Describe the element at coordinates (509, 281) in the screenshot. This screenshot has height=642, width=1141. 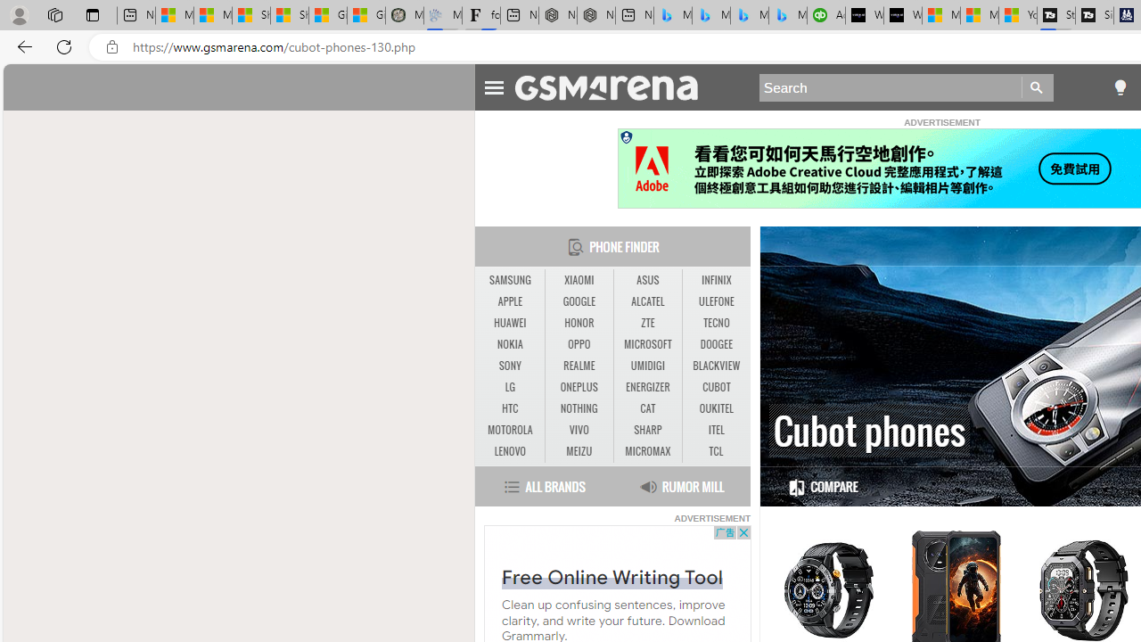
I see `'SAMSUNG'` at that location.